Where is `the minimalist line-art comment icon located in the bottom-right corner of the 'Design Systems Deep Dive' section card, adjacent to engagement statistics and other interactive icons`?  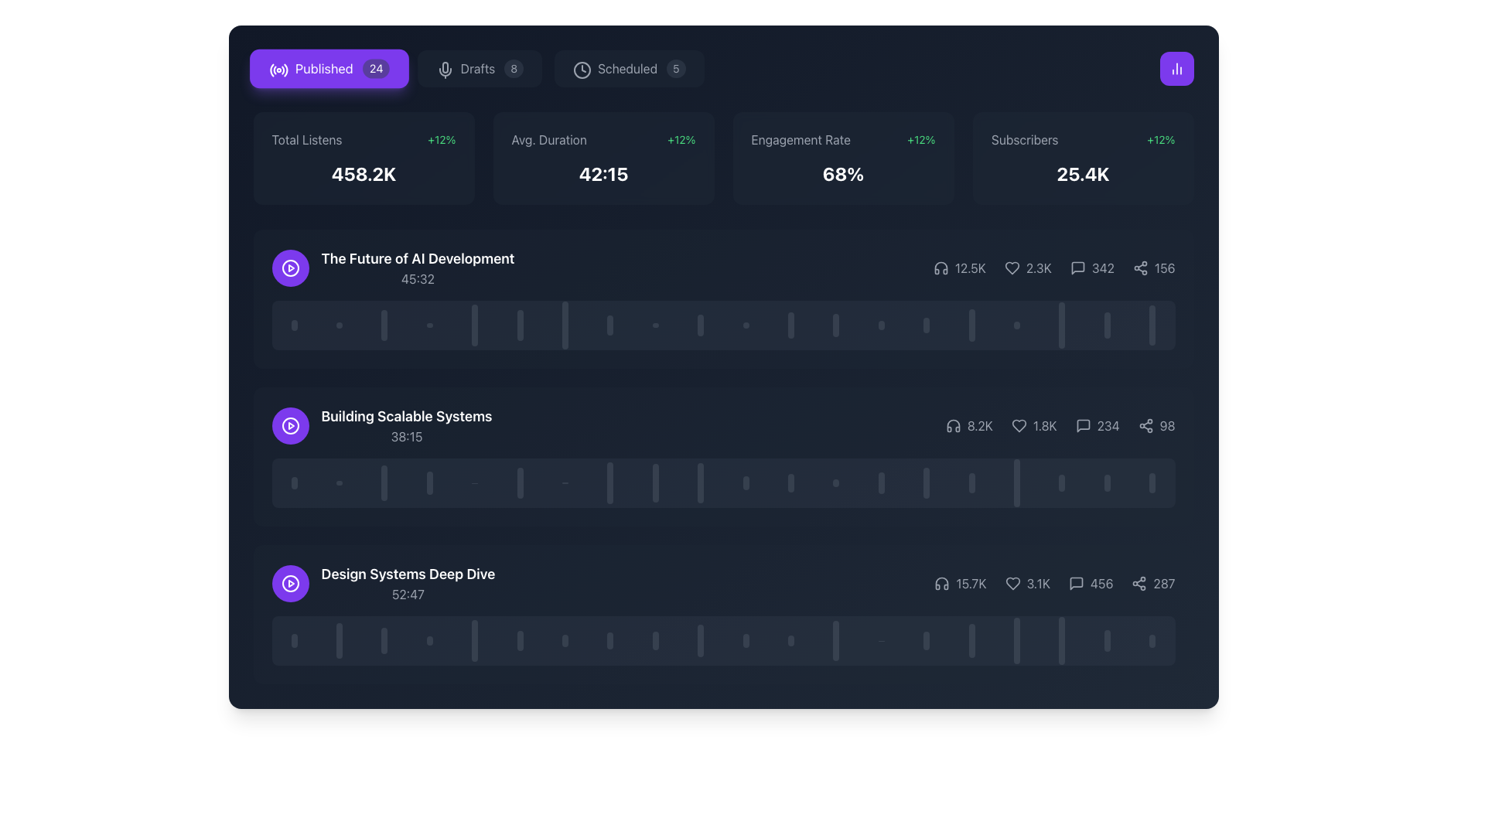 the minimalist line-art comment icon located in the bottom-right corner of the 'Design Systems Deep Dive' section card, adjacent to engagement statistics and other interactive icons is located at coordinates (1076, 584).